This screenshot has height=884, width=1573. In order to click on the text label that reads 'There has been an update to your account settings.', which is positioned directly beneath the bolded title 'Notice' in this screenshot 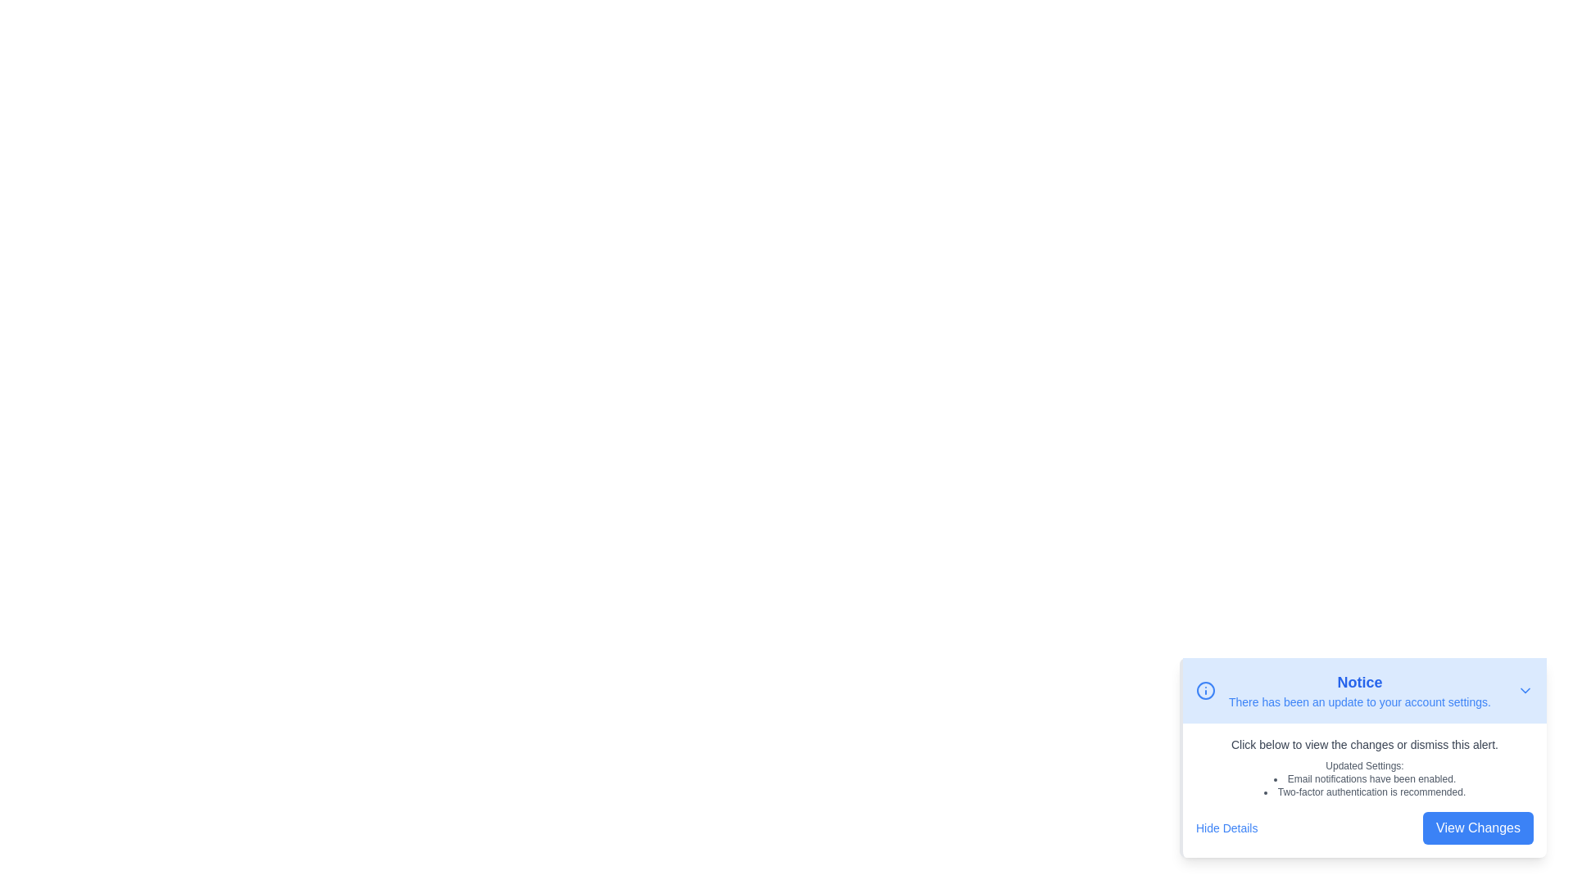, I will do `click(1360, 701)`.